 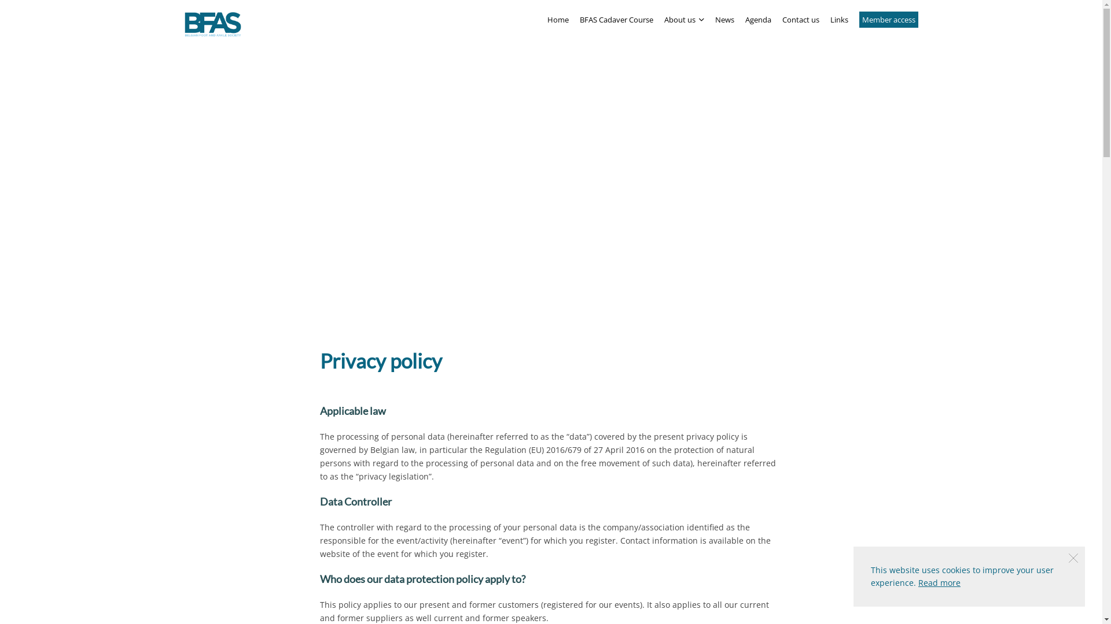 I want to click on 'Read more', so click(x=939, y=582).